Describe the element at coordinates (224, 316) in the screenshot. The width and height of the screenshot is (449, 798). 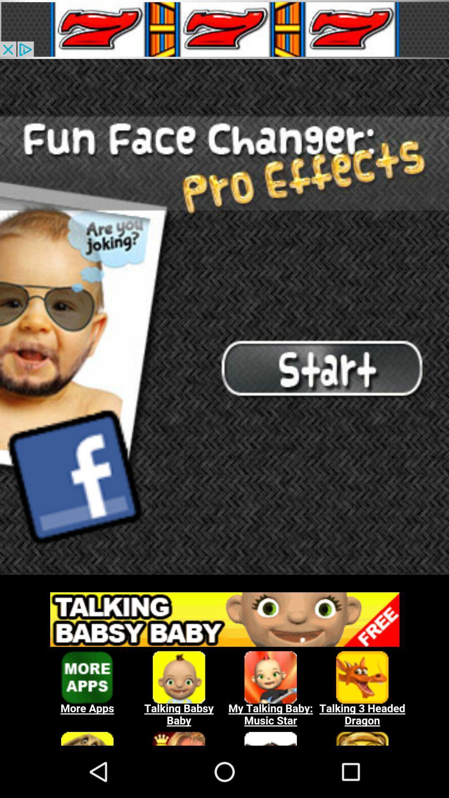
I see `home page` at that location.